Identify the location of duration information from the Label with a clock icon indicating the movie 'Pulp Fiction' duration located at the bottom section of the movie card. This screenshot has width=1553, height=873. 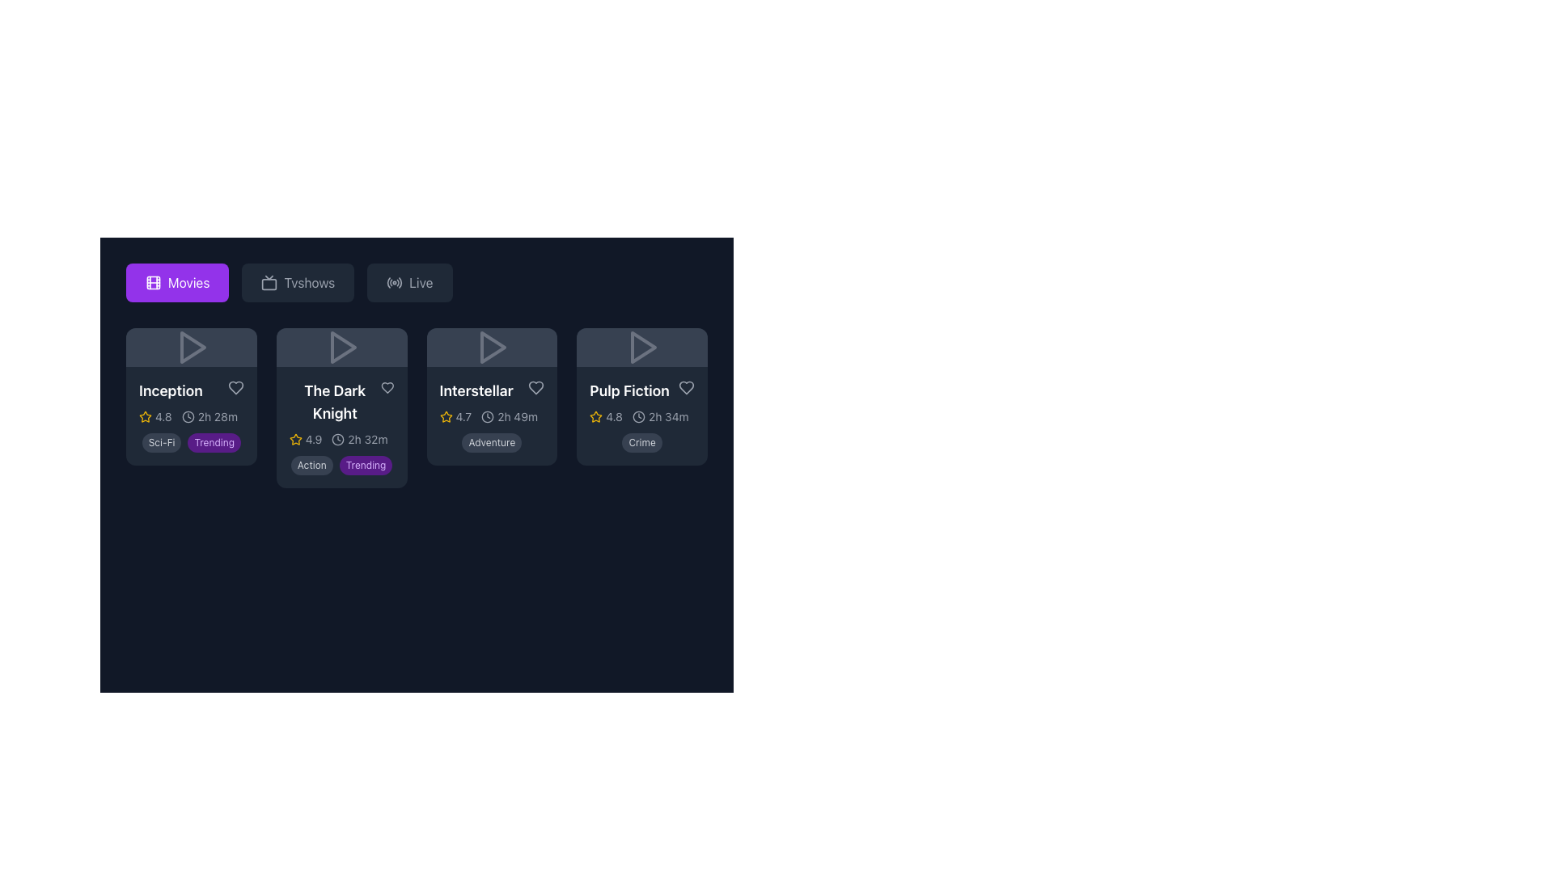
(660, 416).